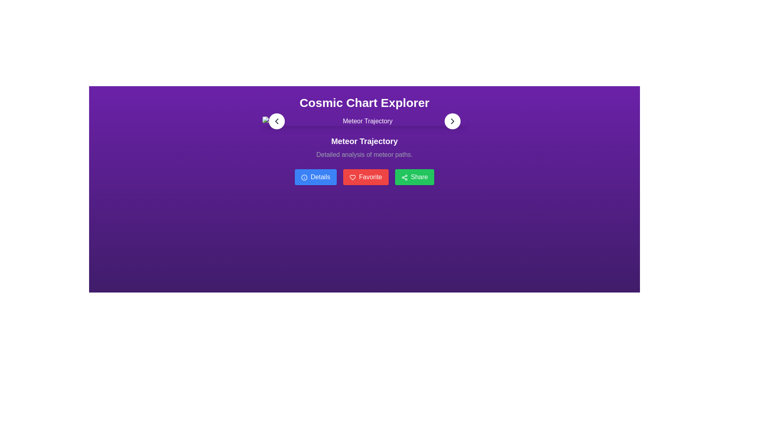 The height and width of the screenshot is (431, 767). Describe the element at coordinates (315, 176) in the screenshot. I see `the 'Details' button, which is the first of three horizontally aligned buttons located below the main header and subtitle. It is positioned to the left of the 'Favorite' button and further to the left of the 'Share' button` at that location.